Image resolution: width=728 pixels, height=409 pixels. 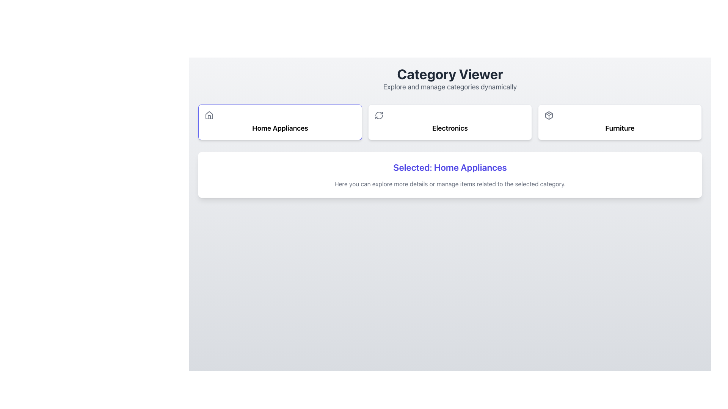 What do you see at coordinates (450, 87) in the screenshot?
I see `the subtitle text 'Explore and manage categories dynamically' located under the title 'Category Viewer'` at bounding box center [450, 87].